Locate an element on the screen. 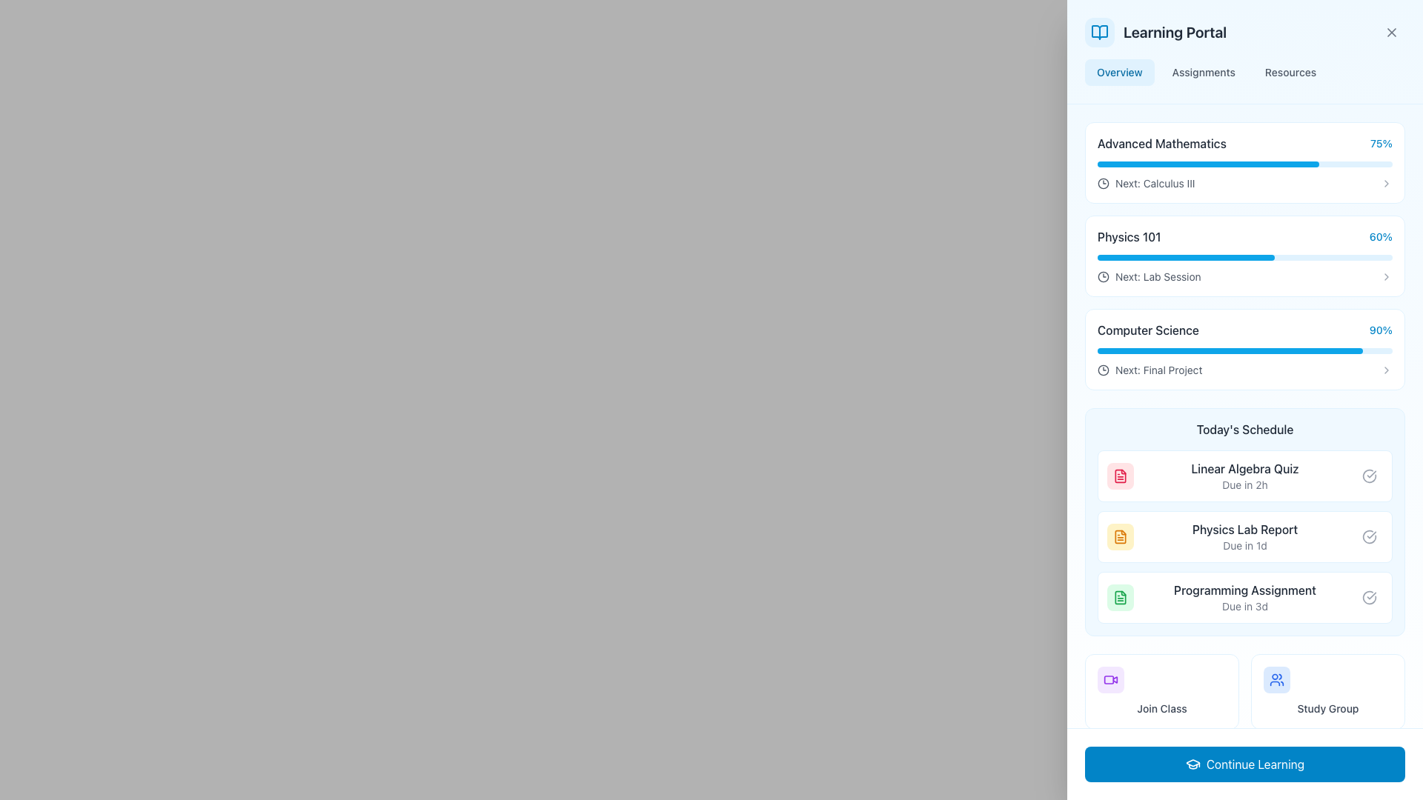 The width and height of the screenshot is (1423, 800). the circle-shaped graphical component within the SVG icon, which serves as the inner border of the clock-like representation, located at the center of the icon adjacent to the 'Computer Science' progress bar is located at coordinates (1103, 277).